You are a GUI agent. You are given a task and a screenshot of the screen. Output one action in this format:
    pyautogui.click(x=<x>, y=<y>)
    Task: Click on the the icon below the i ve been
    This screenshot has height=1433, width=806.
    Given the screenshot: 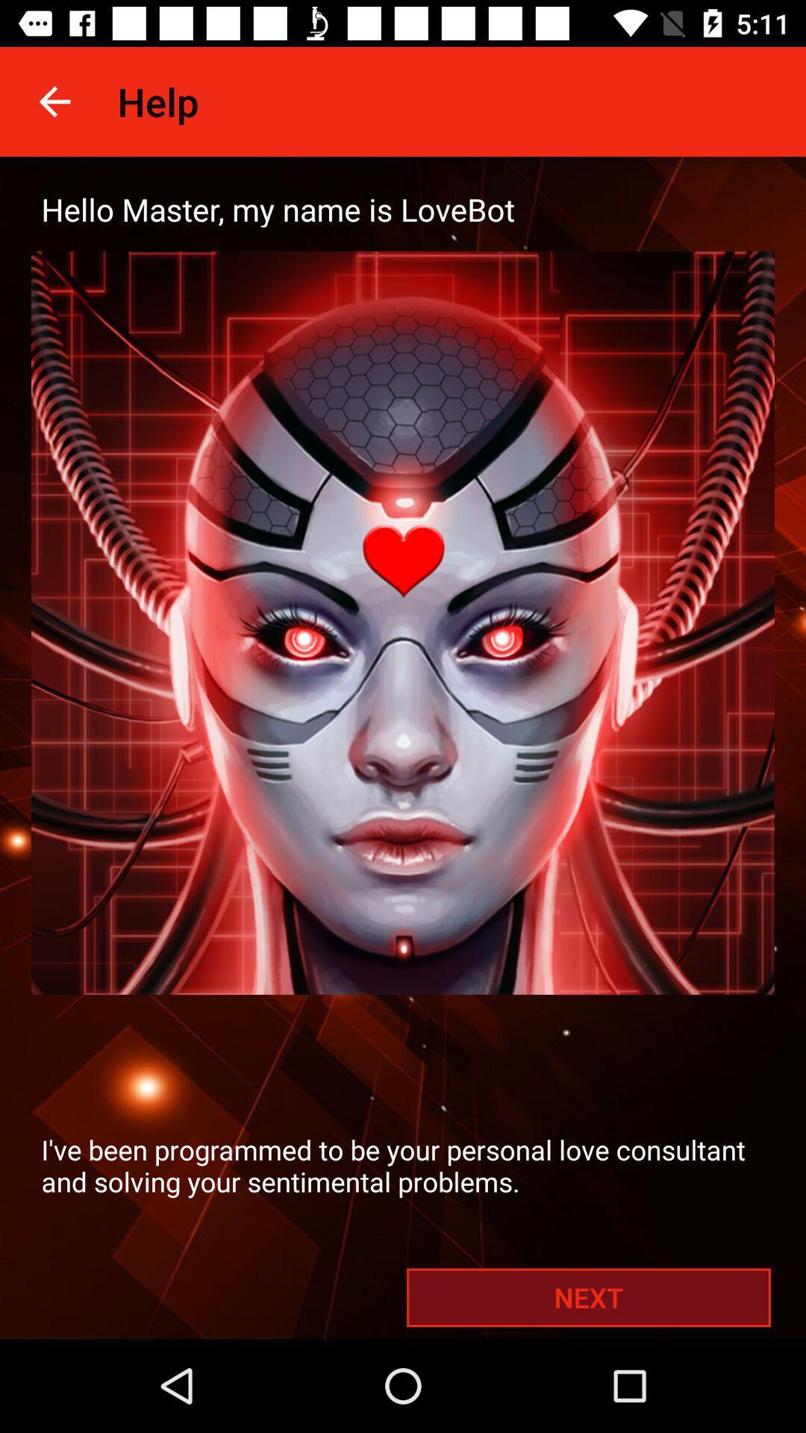 What is the action you would take?
    pyautogui.click(x=588, y=1296)
    